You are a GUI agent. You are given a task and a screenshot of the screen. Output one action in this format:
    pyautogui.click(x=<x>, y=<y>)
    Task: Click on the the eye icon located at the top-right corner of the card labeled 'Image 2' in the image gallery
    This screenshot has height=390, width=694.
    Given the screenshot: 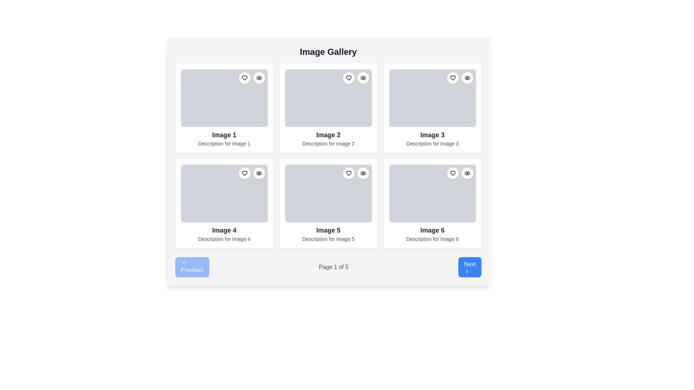 What is the action you would take?
    pyautogui.click(x=363, y=78)
    